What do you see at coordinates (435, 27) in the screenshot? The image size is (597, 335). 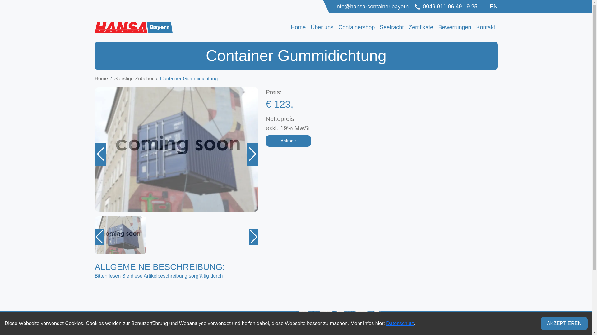 I see `'Bewertungen'` at bounding box center [435, 27].